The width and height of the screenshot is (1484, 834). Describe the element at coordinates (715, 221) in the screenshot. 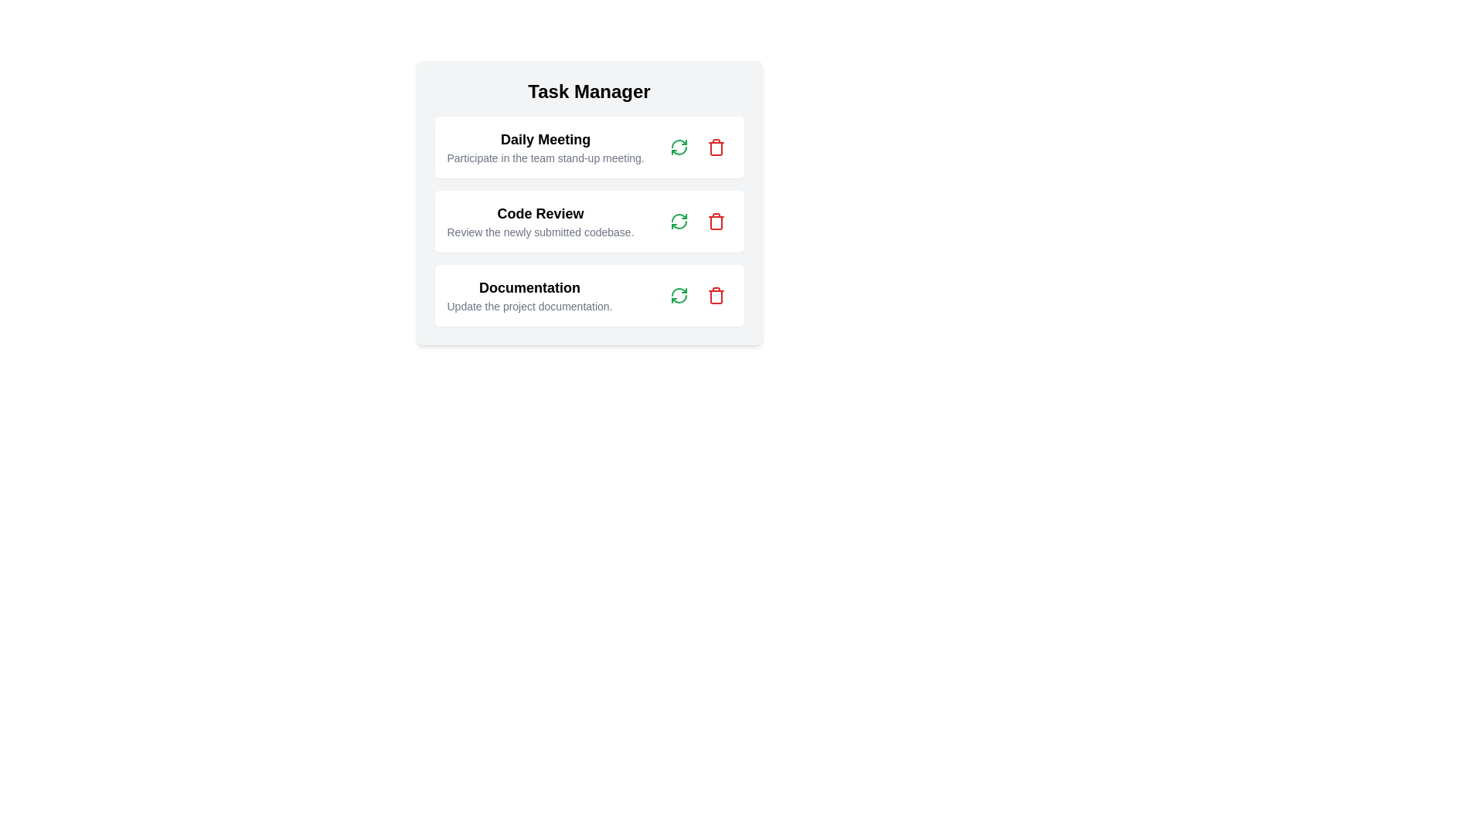

I see `the visually styled red circular button with a trash can icon, which is the third button aligned horizontally to the right of the 'Code Review' task` at that location.